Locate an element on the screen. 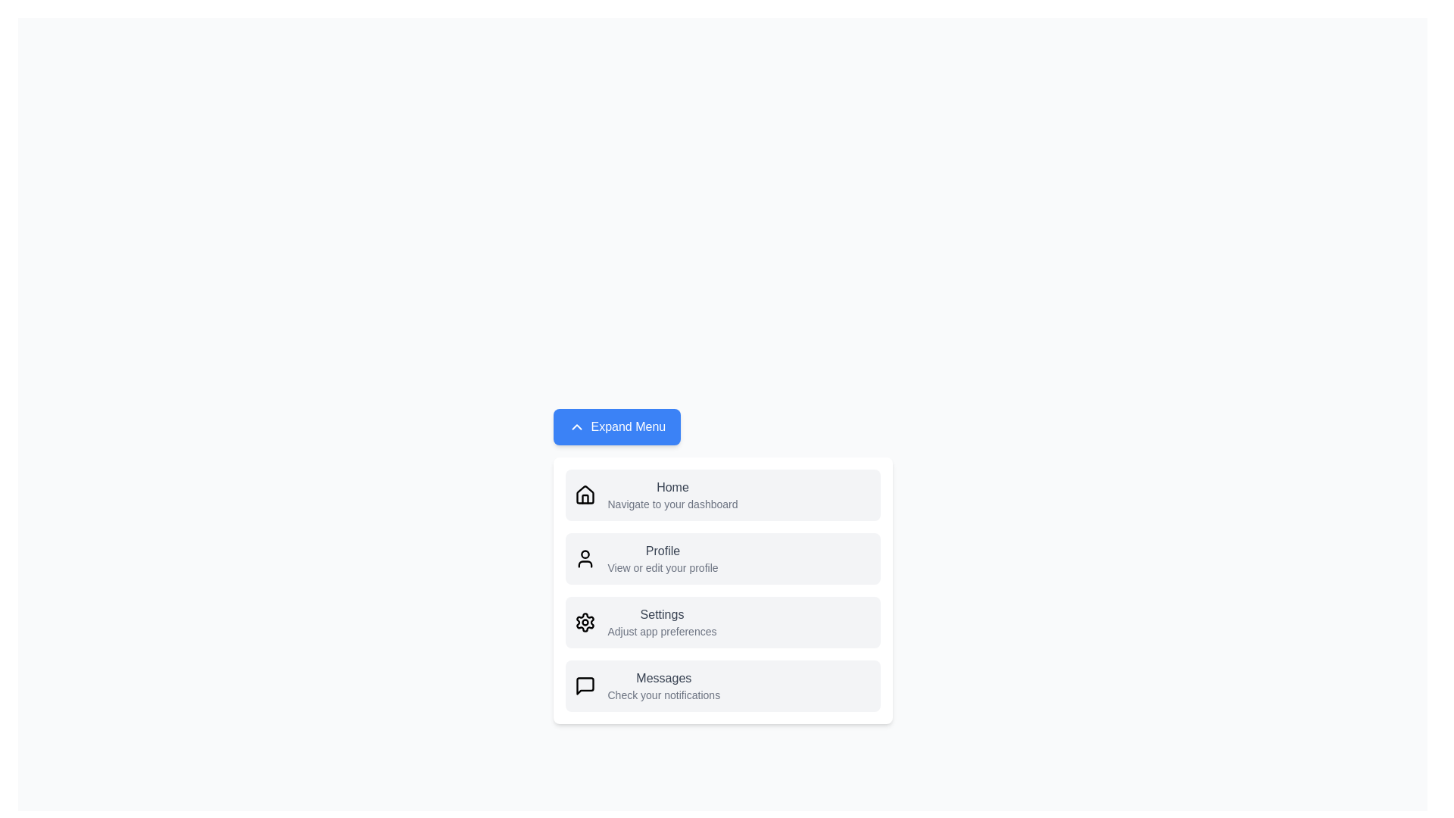 The height and width of the screenshot is (818, 1454). the 'Messages' action in the EnhancedSpeedDial component is located at coordinates (722, 686).